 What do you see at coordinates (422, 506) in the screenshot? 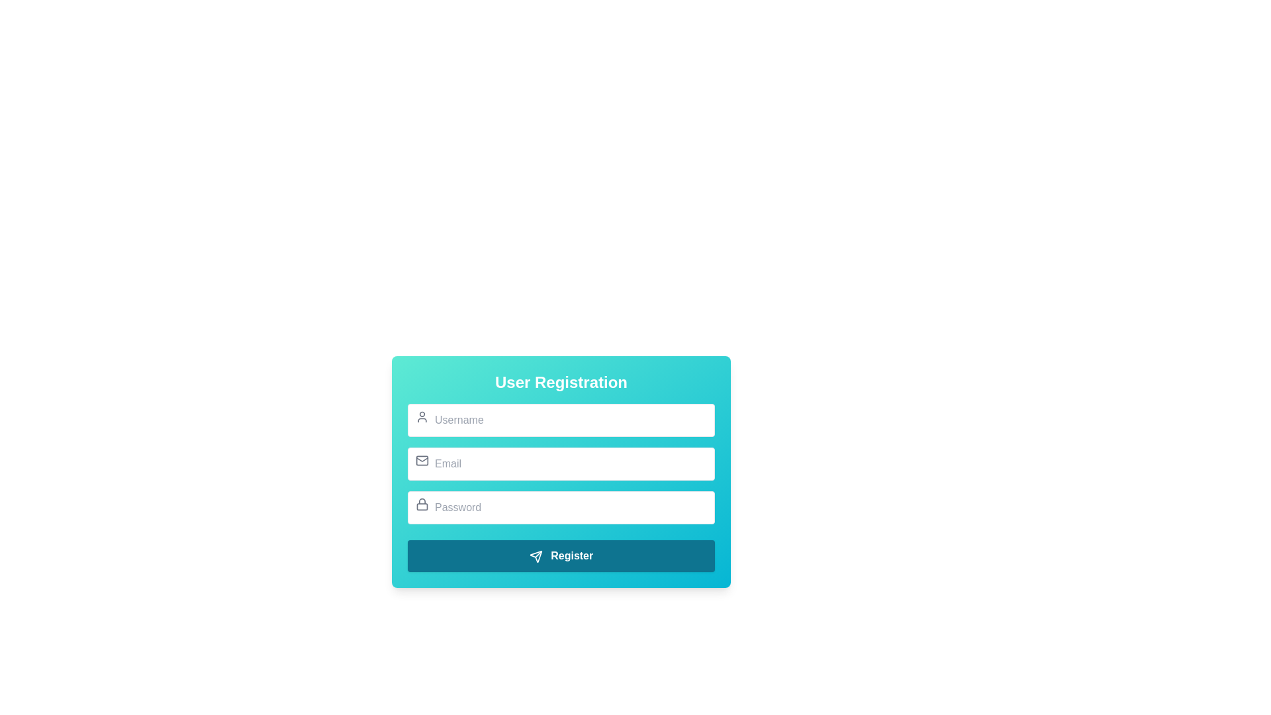
I see `the graphic detail (SVG rectangle) that serves as a visual enhancement of the lock icon, located to the left of the 'Password' input field in the 'User Registration' form` at bounding box center [422, 506].